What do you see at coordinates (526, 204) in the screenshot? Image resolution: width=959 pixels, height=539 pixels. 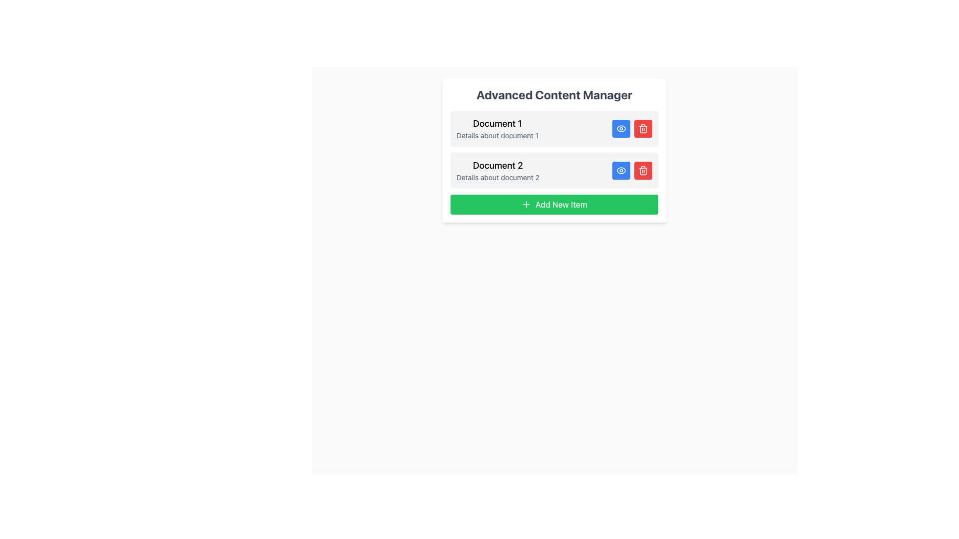 I see `the plus sign icon within the 'Add New Item' button, which is located at the bottom of the document management section` at bounding box center [526, 204].